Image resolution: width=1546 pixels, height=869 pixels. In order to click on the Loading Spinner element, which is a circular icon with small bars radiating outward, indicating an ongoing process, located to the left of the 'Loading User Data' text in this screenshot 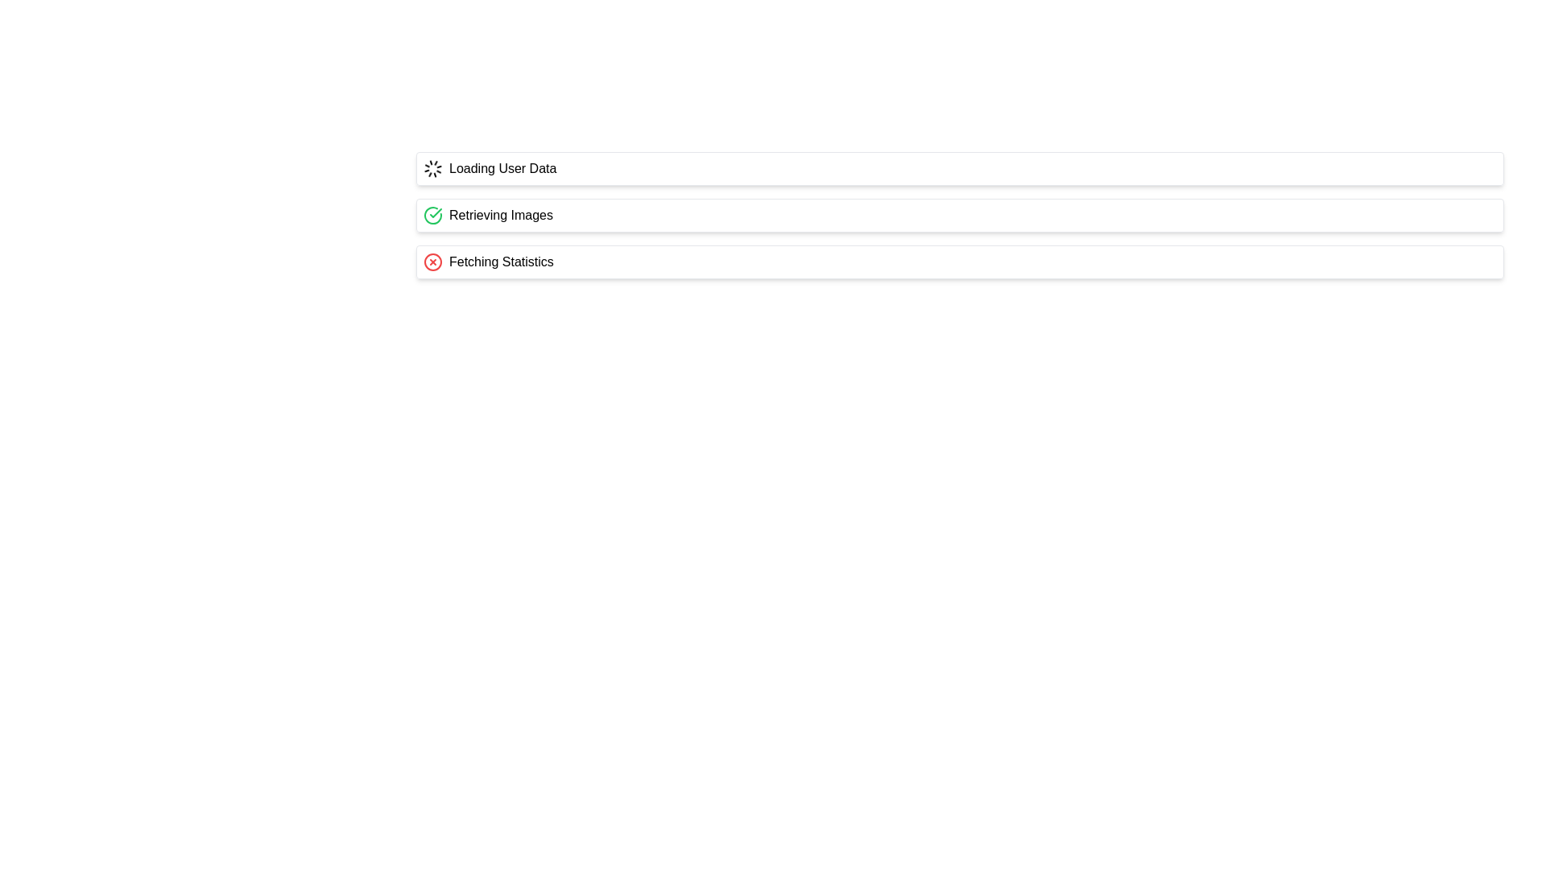, I will do `click(432, 168)`.